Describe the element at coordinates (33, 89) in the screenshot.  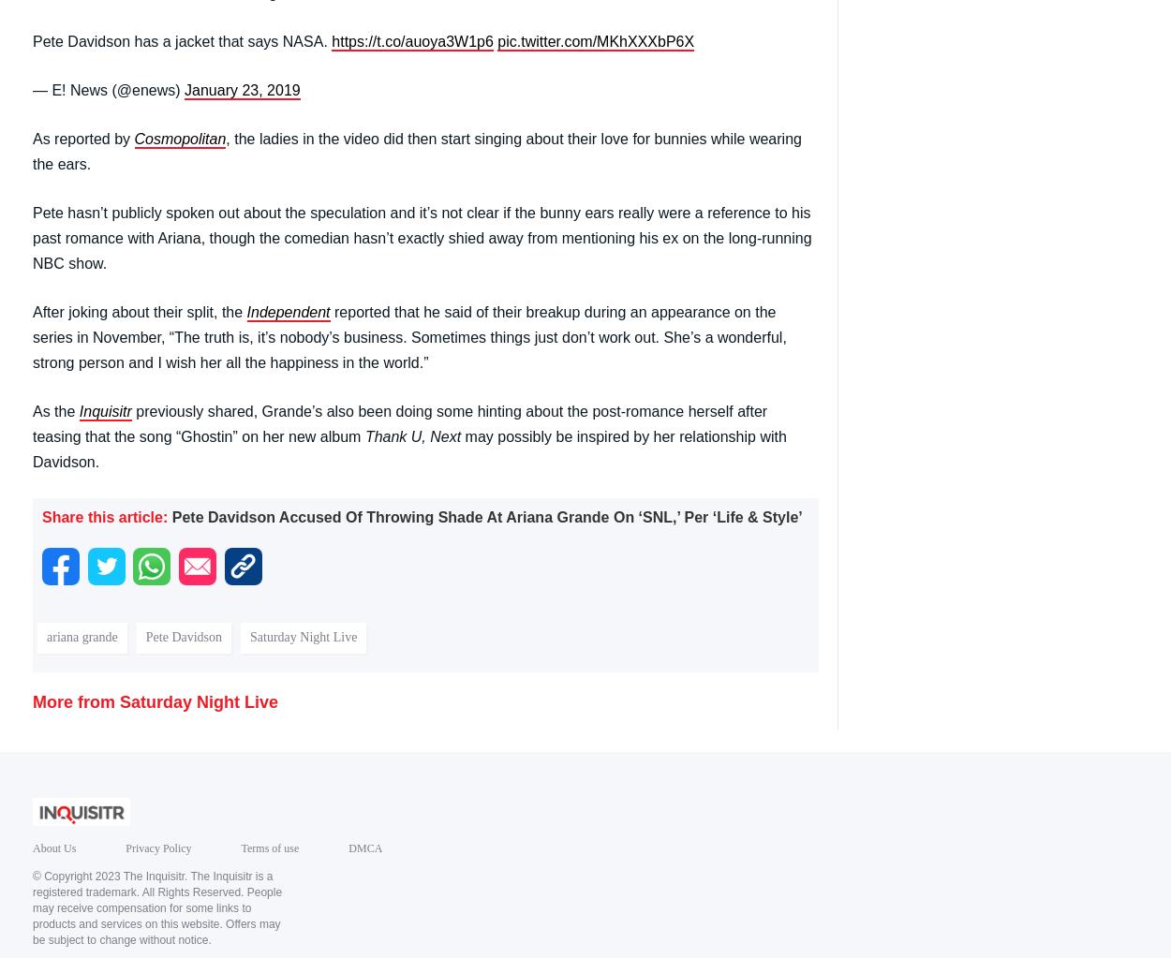
I see `'— E! News (@enews)'` at that location.